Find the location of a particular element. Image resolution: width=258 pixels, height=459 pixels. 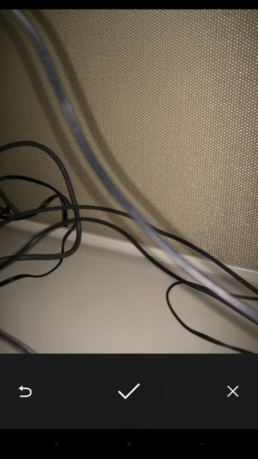

the close icon is located at coordinates (226, 438).